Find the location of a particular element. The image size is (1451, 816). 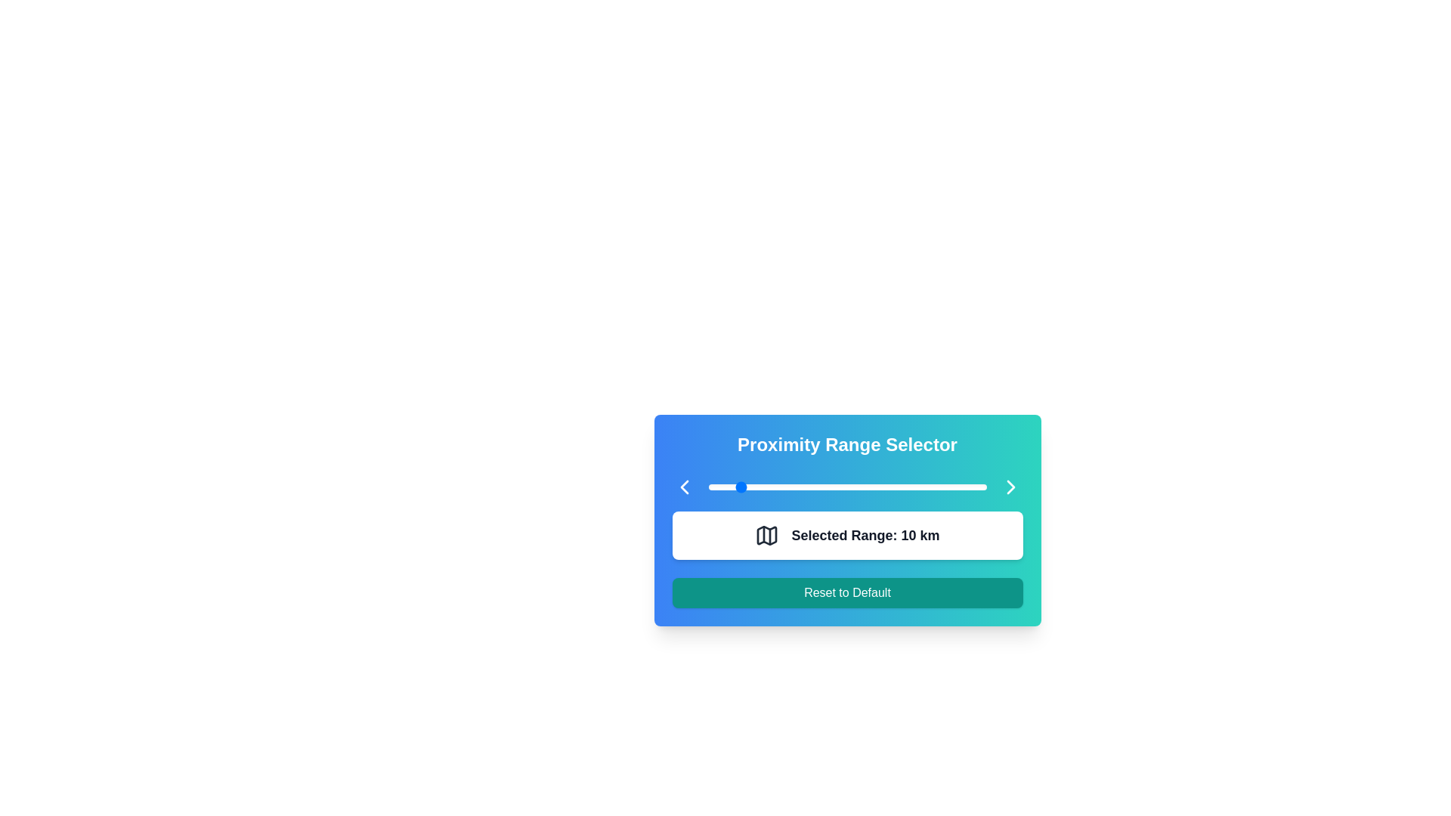

the proximity range is located at coordinates (830, 487).